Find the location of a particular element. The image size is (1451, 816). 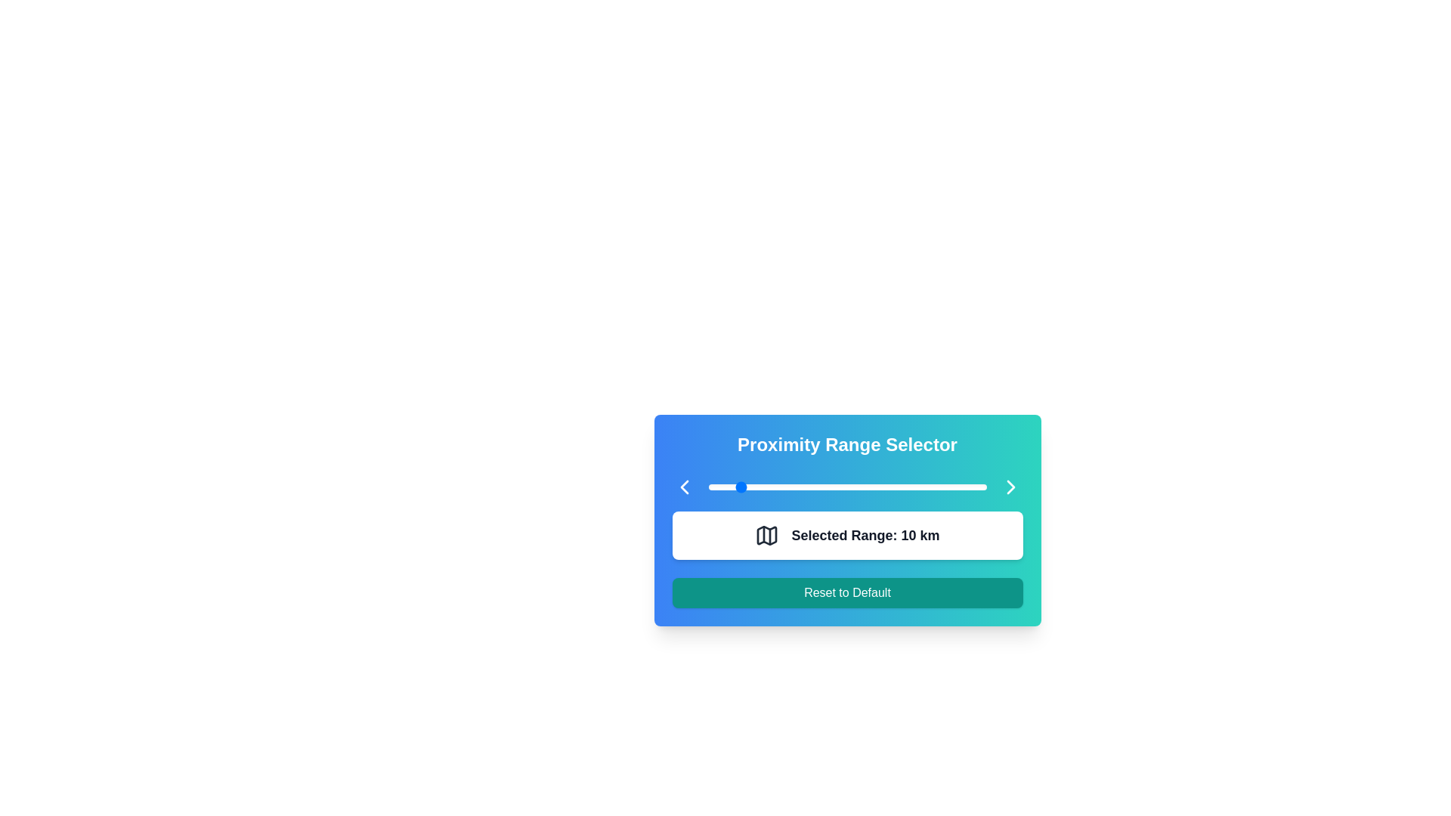

the proximity range is located at coordinates (830, 487).